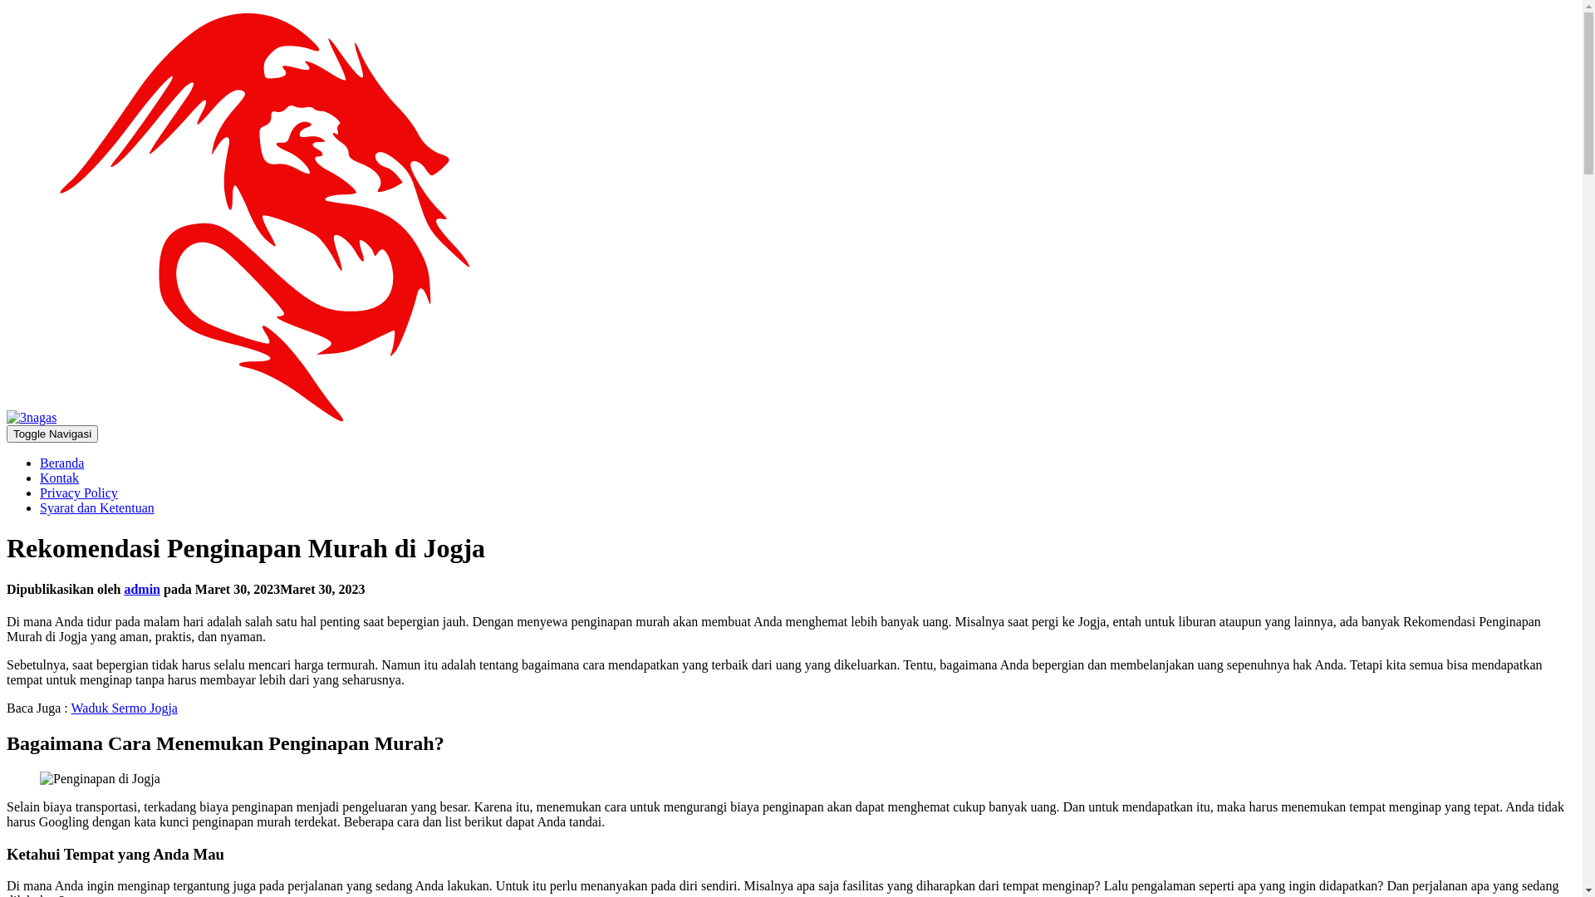 This screenshot has height=897, width=1595. What do you see at coordinates (59, 478) in the screenshot?
I see `'Kontak'` at bounding box center [59, 478].